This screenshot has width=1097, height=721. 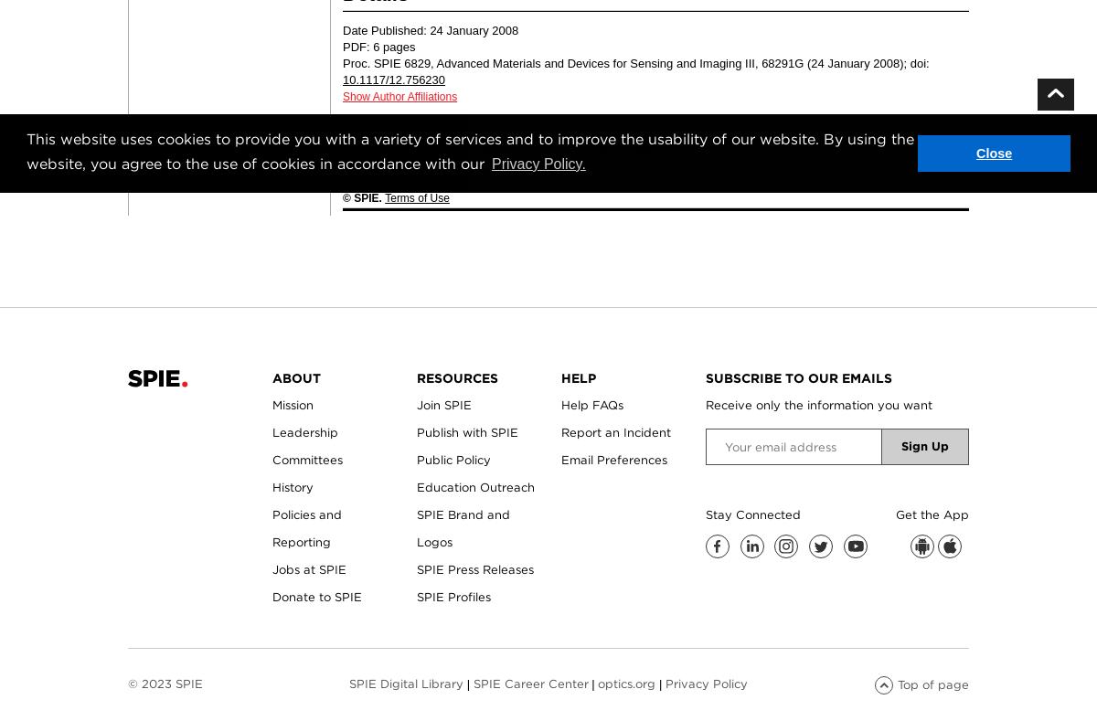 What do you see at coordinates (384, 196) in the screenshot?
I see `'Terms of Use'` at bounding box center [384, 196].